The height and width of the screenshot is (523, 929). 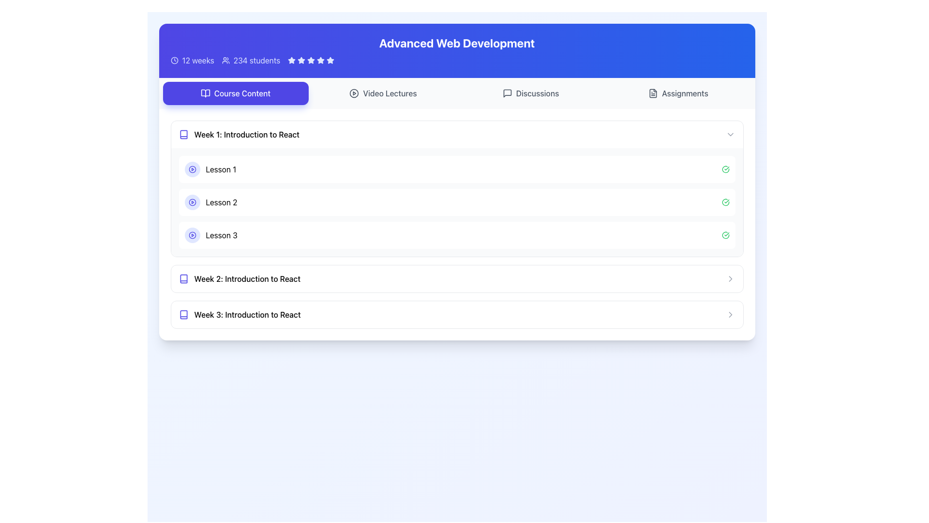 What do you see at coordinates (730, 315) in the screenshot?
I see `the right-facing chevron arrow icon at the end of the row labeled 'Week 3: Introduction to React'` at bounding box center [730, 315].